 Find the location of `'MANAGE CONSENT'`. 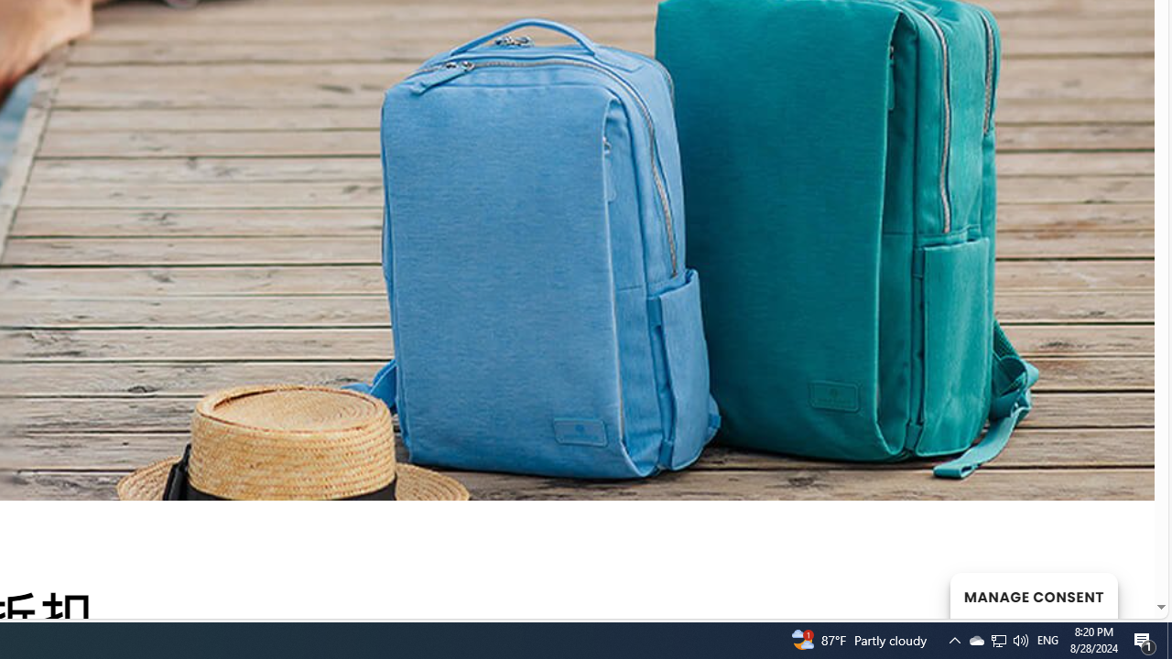

'MANAGE CONSENT' is located at coordinates (1033, 595).